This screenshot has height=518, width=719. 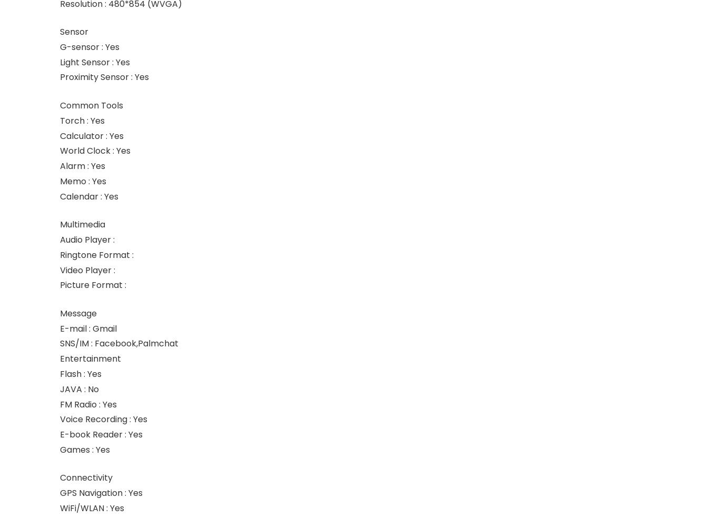 I want to click on 'Alarm : Yes', so click(x=82, y=165).